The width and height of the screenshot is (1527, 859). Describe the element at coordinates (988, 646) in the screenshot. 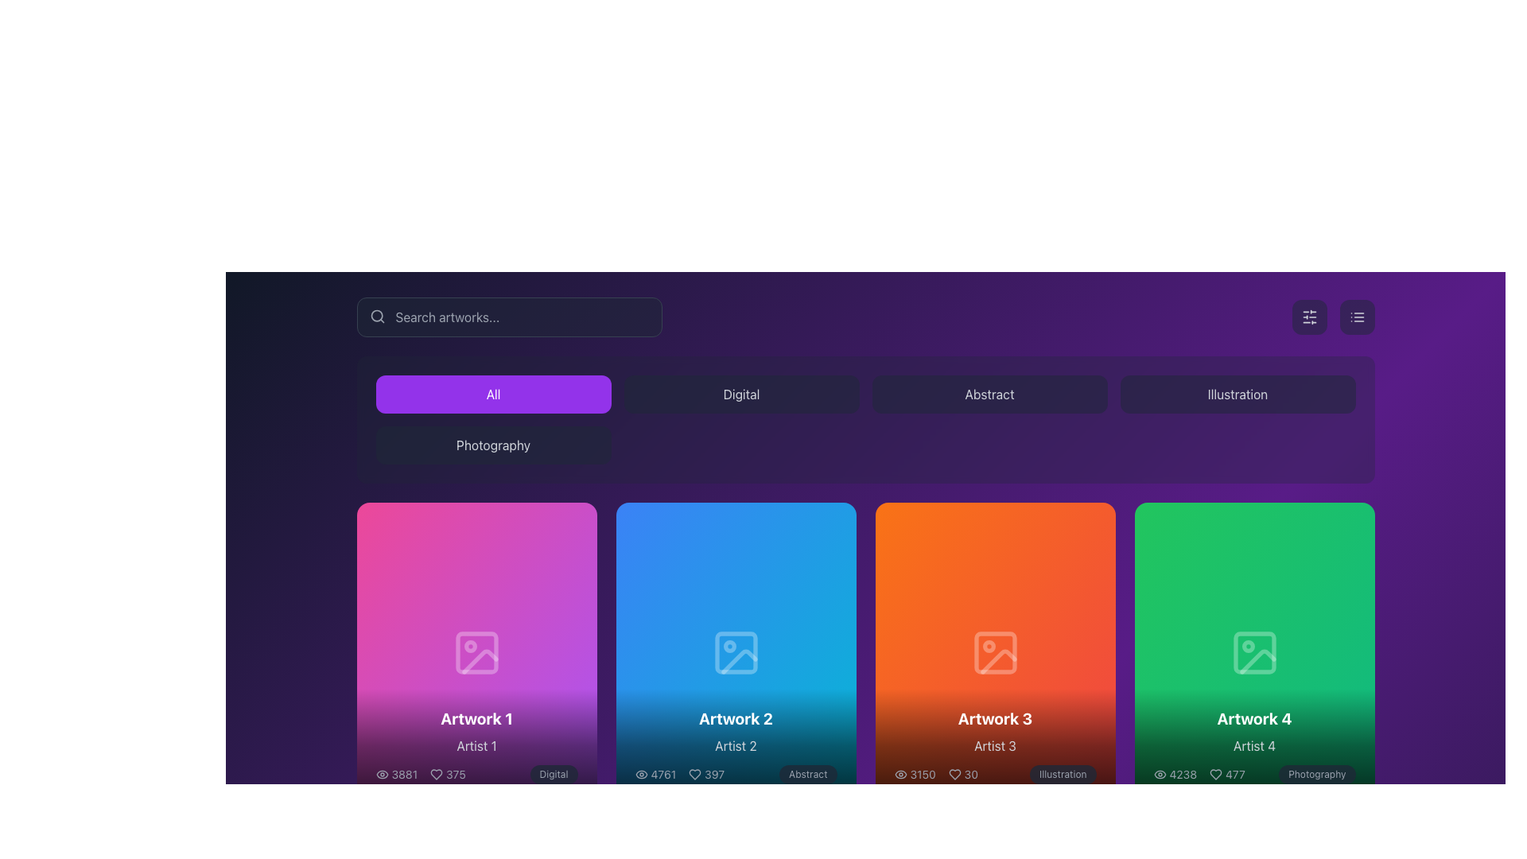

I see `the small circle graphical icon component located at the center of the 'Artwork 3' card in the third column of the artwork display section` at that location.